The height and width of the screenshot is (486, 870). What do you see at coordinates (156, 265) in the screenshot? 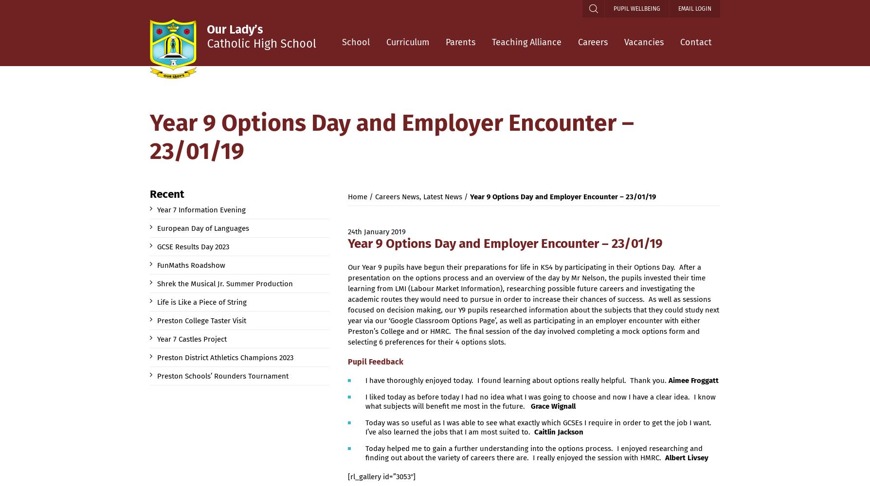
I see `'FunMaths Roadshow'` at bounding box center [156, 265].